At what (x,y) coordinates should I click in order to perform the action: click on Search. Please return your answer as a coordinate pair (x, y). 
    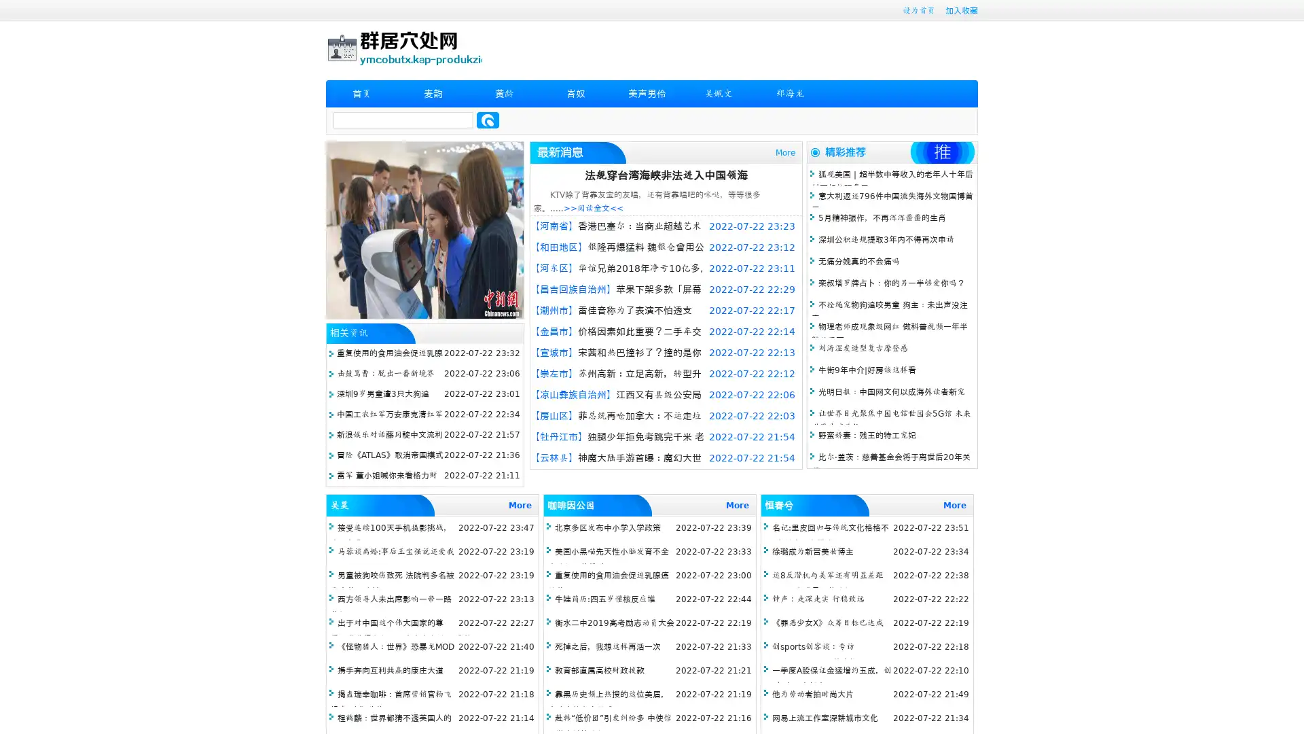
    Looking at the image, I should click on (488, 120).